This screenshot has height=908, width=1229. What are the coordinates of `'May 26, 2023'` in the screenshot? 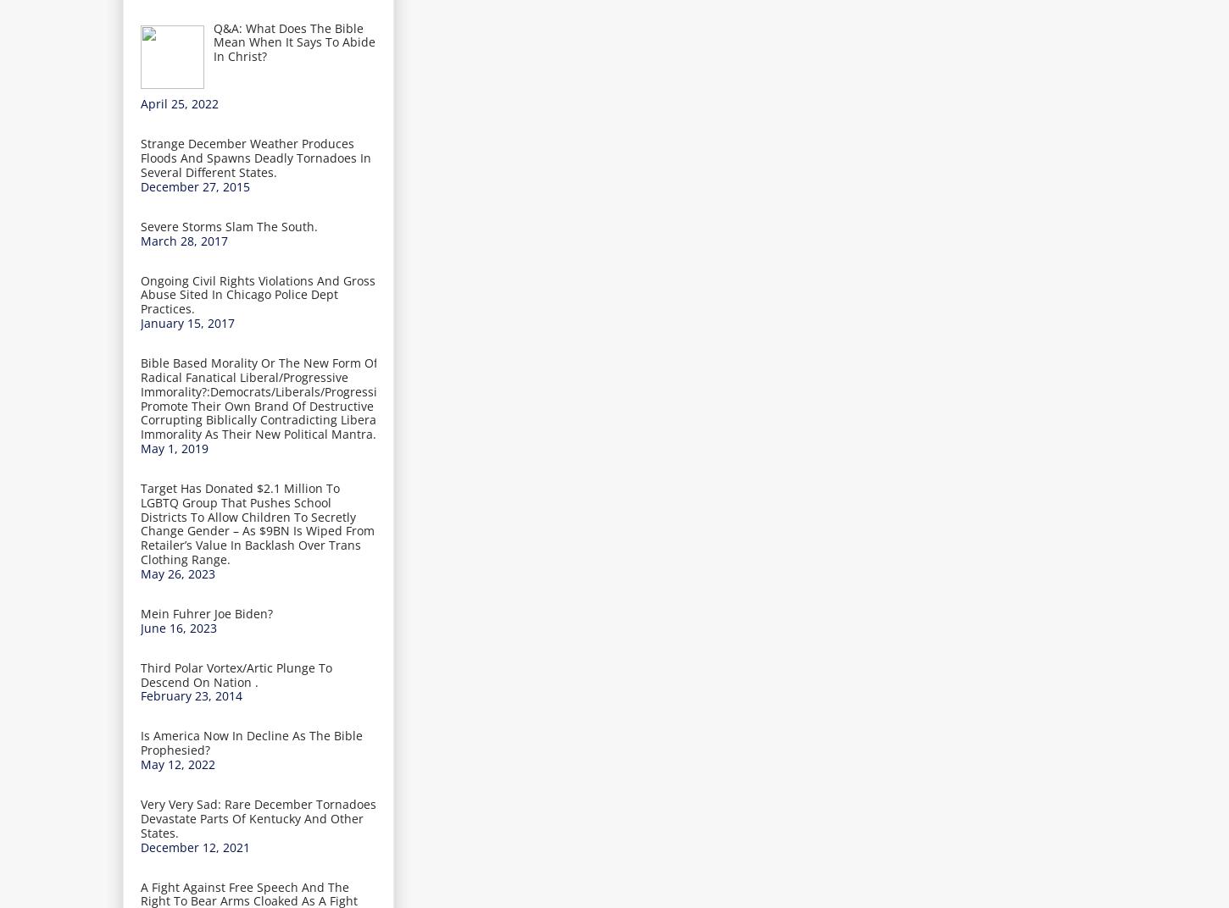 It's located at (176, 572).